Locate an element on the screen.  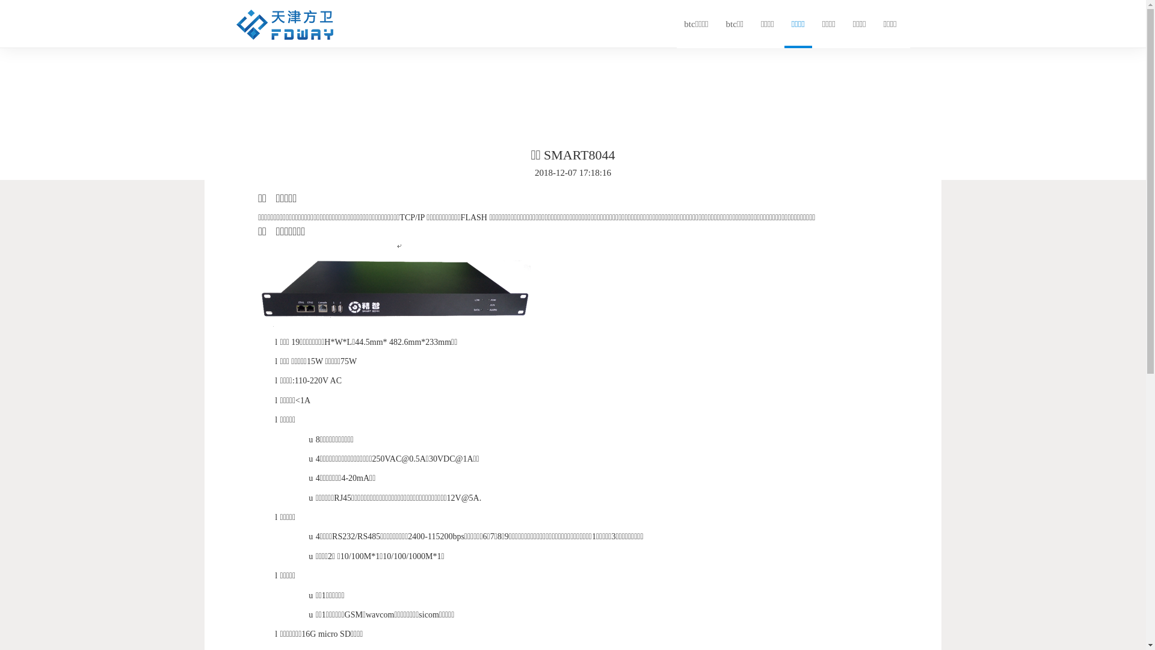
'1544174317414059112.png' is located at coordinates (396, 287).